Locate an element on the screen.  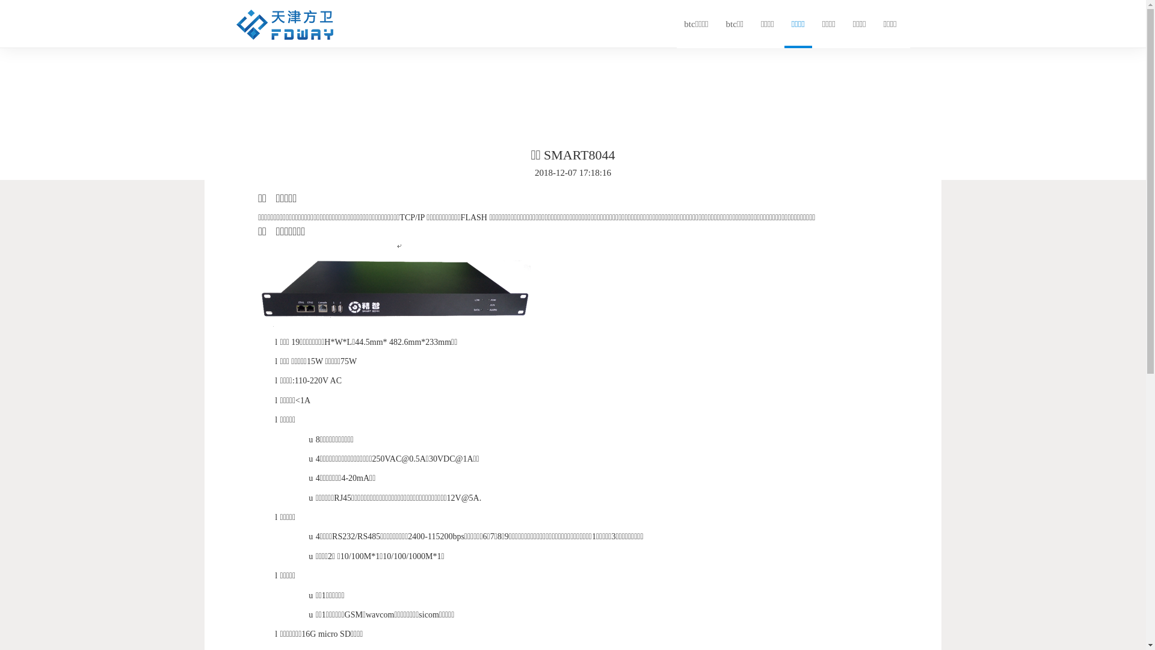
'1544174317414059112.png' is located at coordinates (396, 287).